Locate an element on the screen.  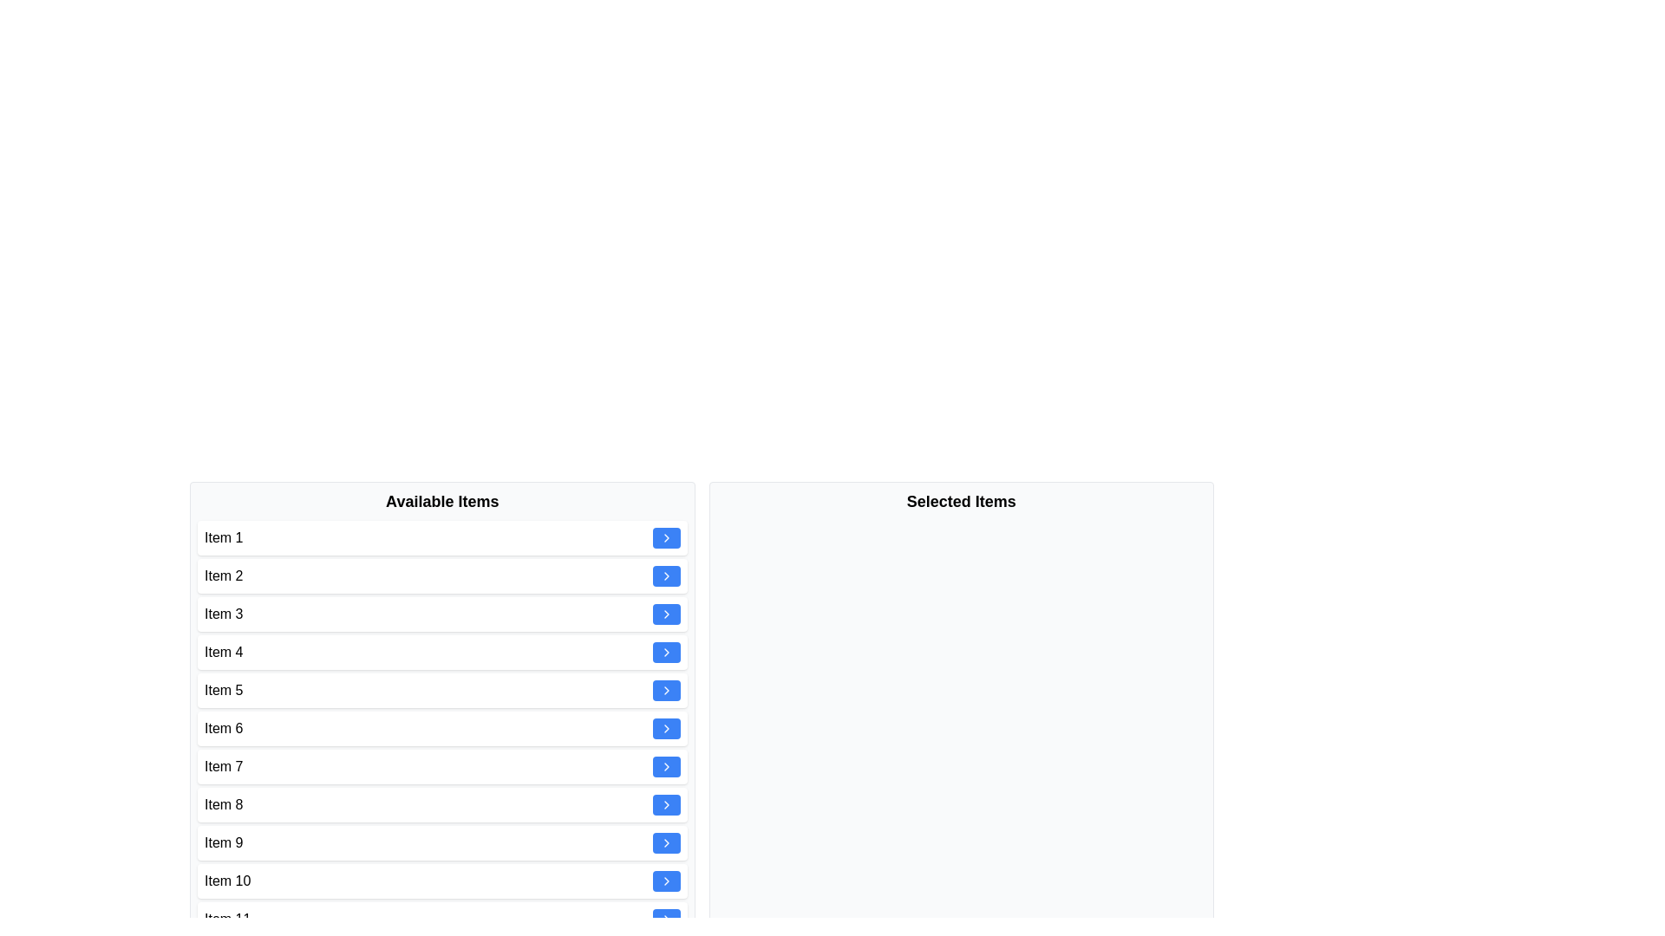
the small right-pointing chevron icon within the blue circular button located at the rightmost area of the button aligned with item 8 in the 'Available Items' list to trigger a tooltip or highlight is located at coordinates (665, 728).